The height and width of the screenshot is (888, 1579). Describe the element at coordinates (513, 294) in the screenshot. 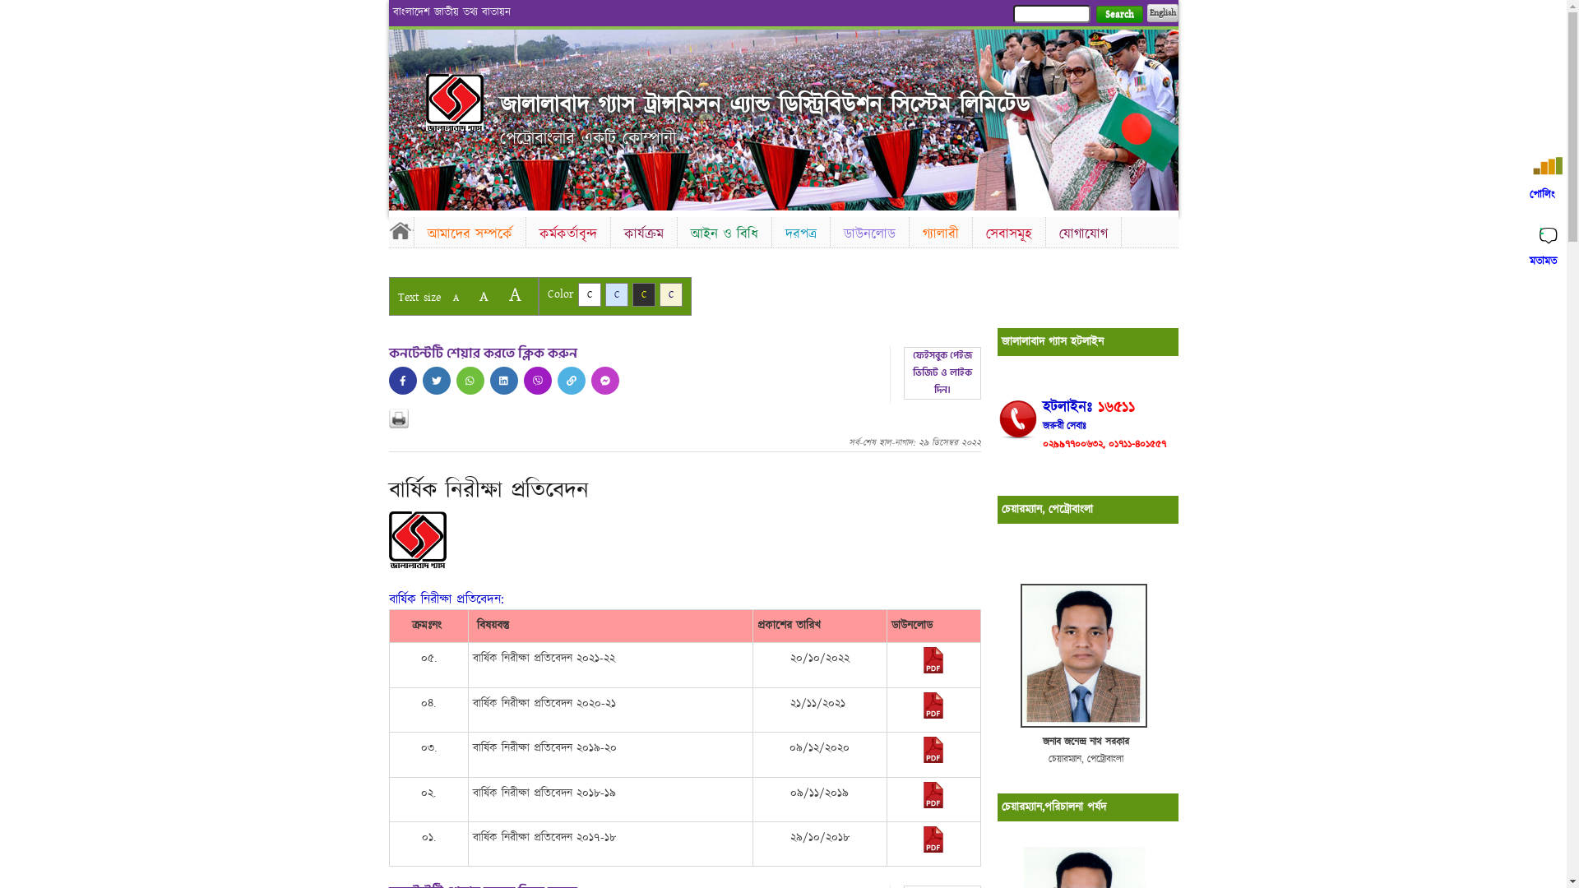

I see `'A'` at that location.